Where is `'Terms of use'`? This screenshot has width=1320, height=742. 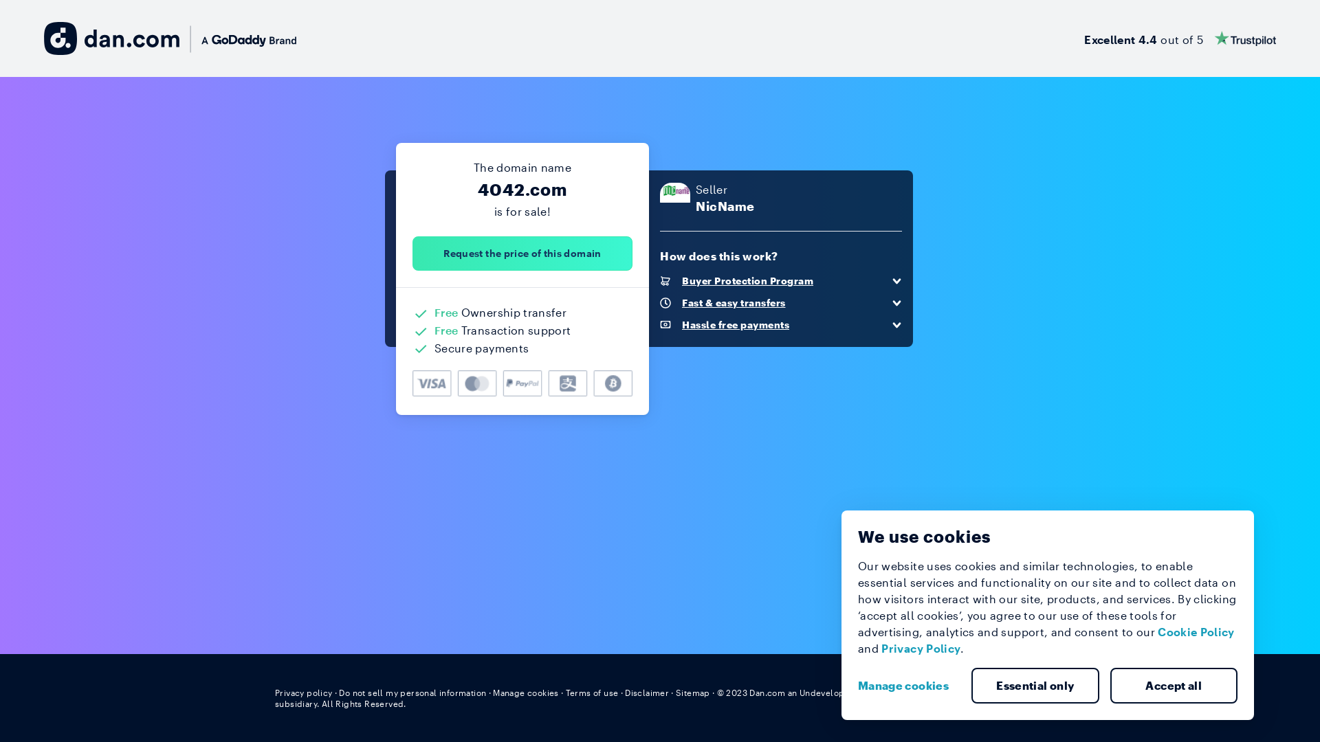
'Terms of use' is located at coordinates (592, 692).